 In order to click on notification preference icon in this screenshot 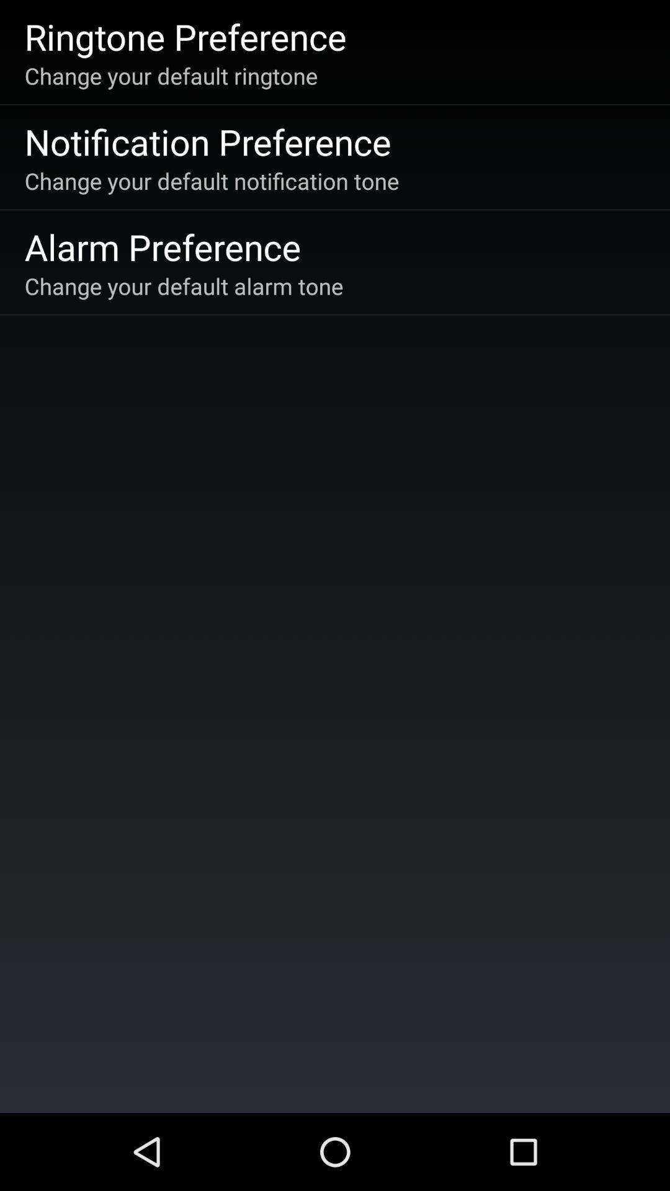, I will do `click(207, 141)`.